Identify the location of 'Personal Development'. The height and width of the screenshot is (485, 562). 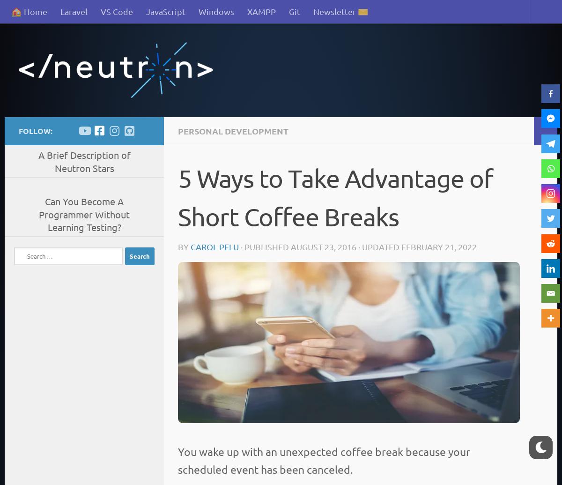
(233, 130).